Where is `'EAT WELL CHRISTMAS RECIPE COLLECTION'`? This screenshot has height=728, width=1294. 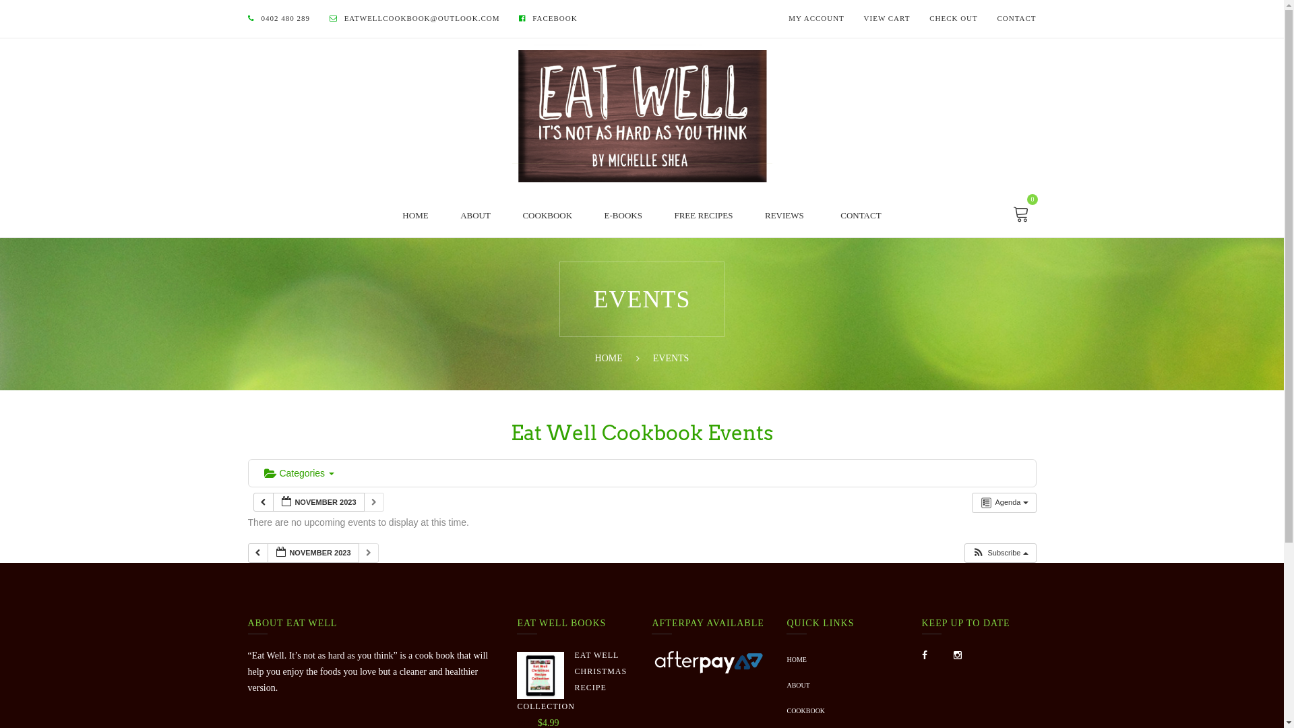 'EAT WELL CHRISTMAS RECIPE COLLECTION' is located at coordinates (574, 681).